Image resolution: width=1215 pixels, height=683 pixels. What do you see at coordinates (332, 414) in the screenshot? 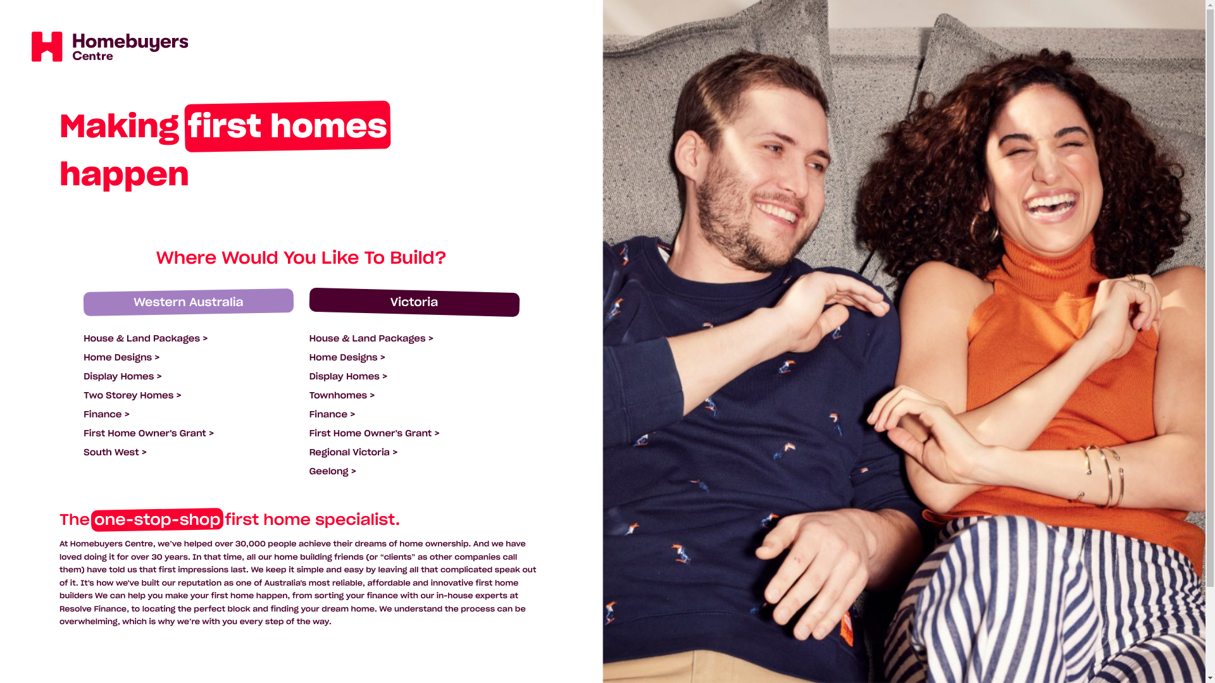
I see `'Finance >'` at bounding box center [332, 414].